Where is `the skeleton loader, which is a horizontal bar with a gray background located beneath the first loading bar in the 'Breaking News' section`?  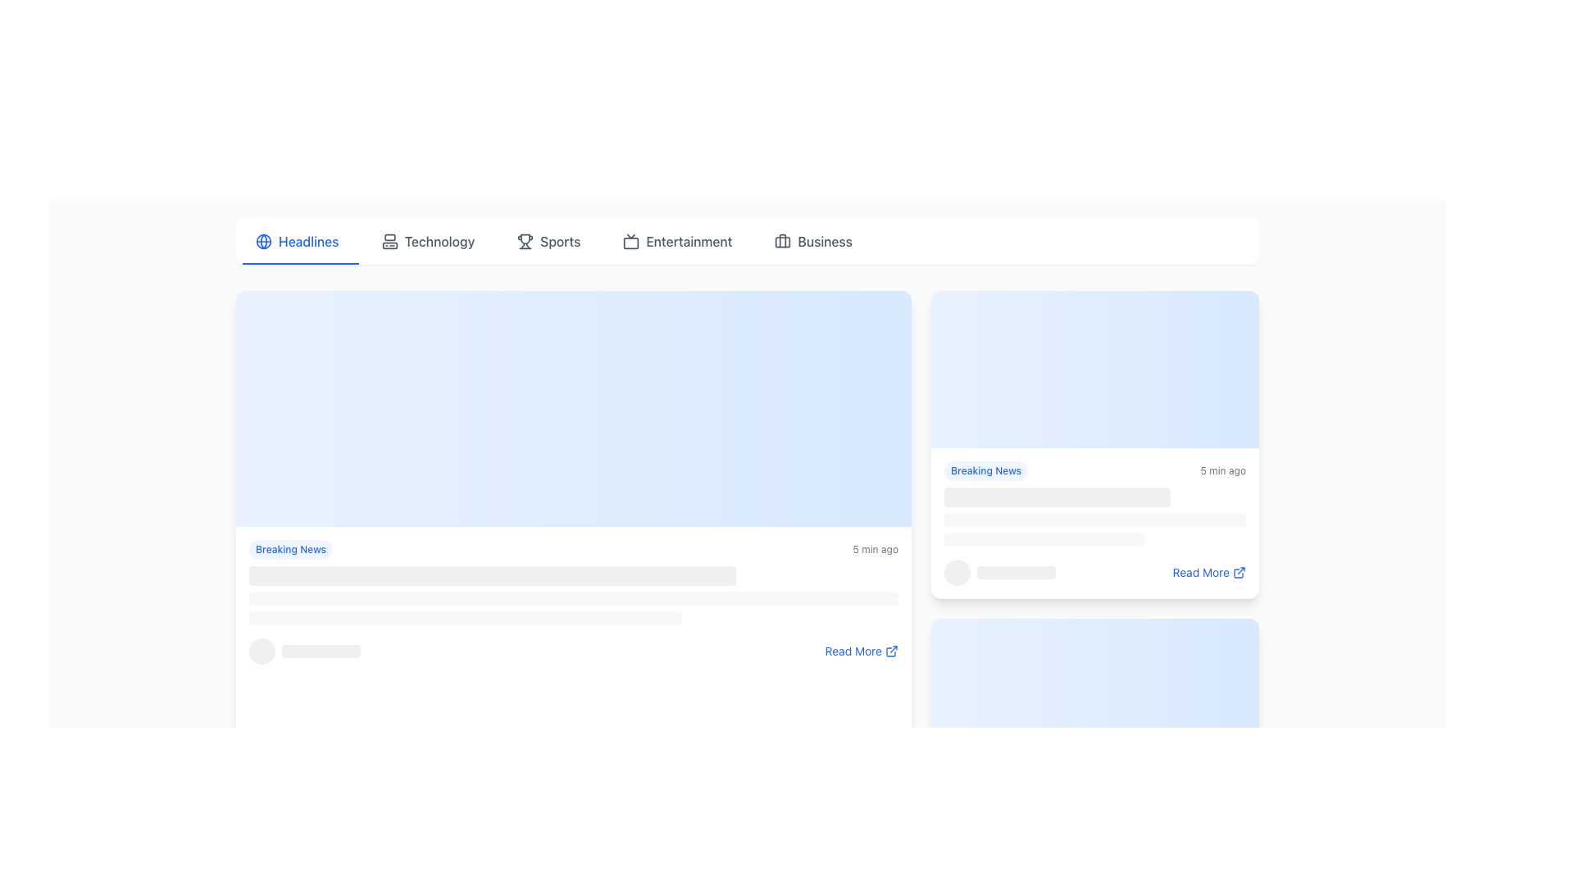
the skeleton loader, which is a horizontal bar with a gray background located beneath the first loading bar in the 'Breaking News' section is located at coordinates (464, 619).